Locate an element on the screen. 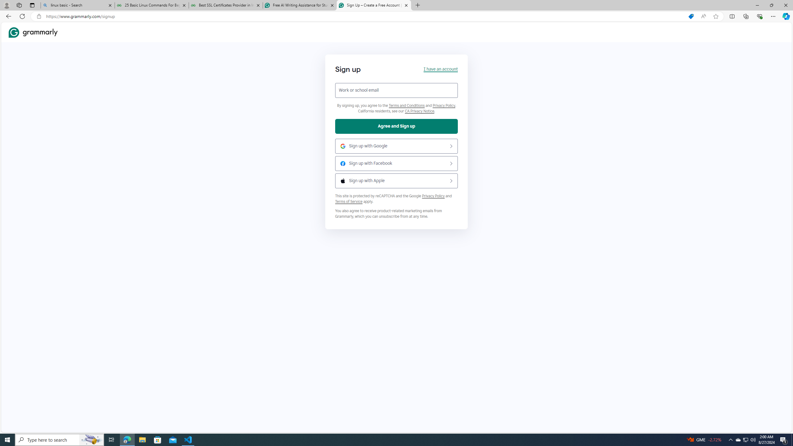  'Agree and Sign up' is located at coordinates (396, 126).